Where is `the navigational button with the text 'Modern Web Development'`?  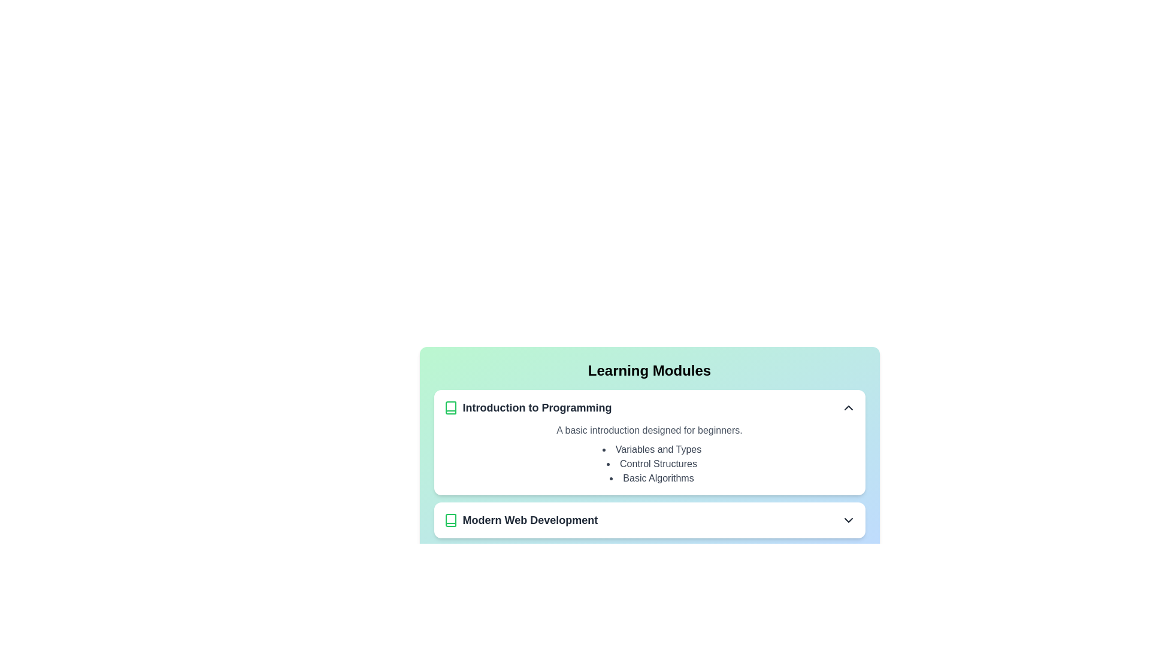 the navigational button with the text 'Modern Web Development' is located at coordinates (520, 520).